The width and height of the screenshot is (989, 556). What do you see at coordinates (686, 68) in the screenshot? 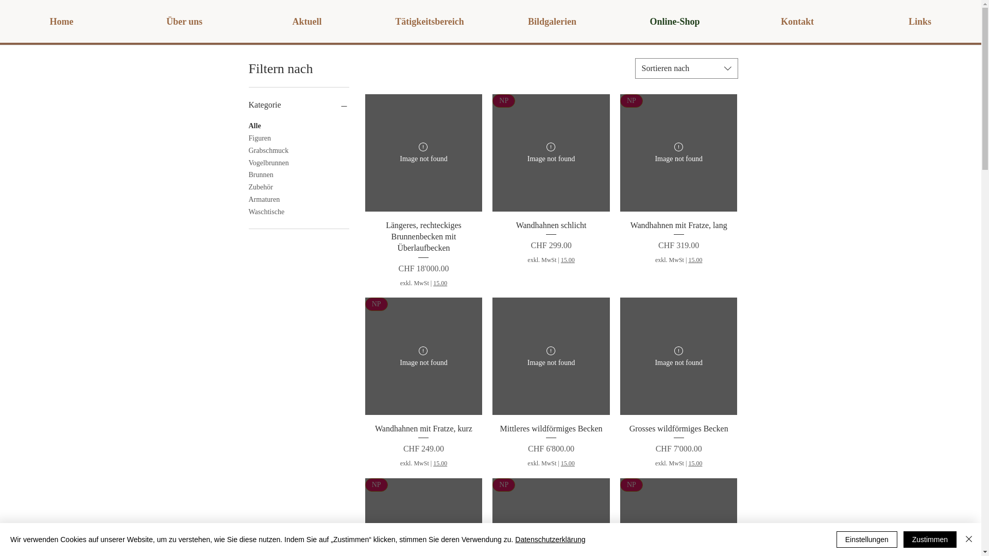
I see `'Sortieren nach'` at bounding box center [686, 68].